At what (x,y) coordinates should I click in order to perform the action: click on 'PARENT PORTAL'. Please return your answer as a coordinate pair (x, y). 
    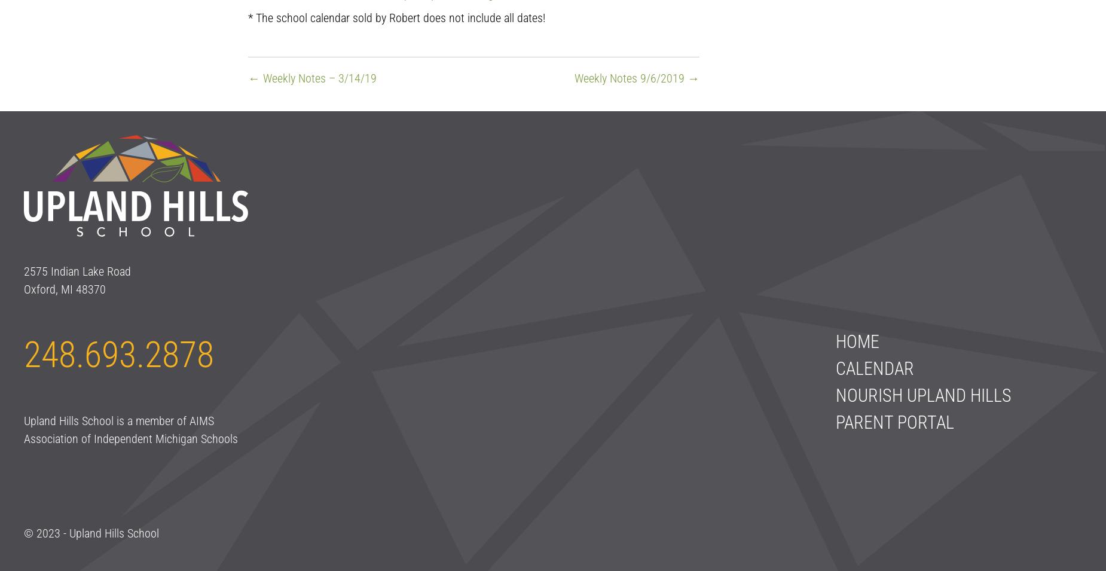
    Looking at the image, I should click on (835, 422).